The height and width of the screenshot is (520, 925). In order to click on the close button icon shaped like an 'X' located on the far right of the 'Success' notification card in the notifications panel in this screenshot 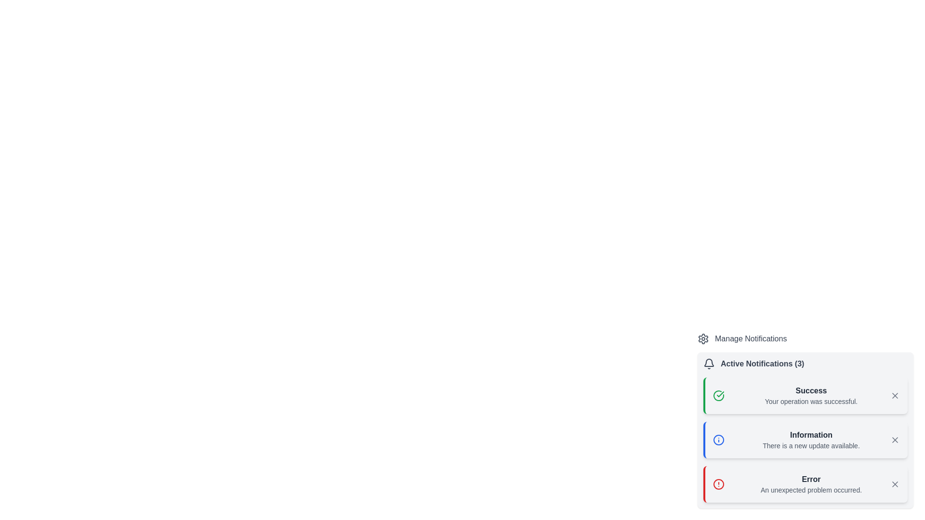, I will do `click(894, 395)`.